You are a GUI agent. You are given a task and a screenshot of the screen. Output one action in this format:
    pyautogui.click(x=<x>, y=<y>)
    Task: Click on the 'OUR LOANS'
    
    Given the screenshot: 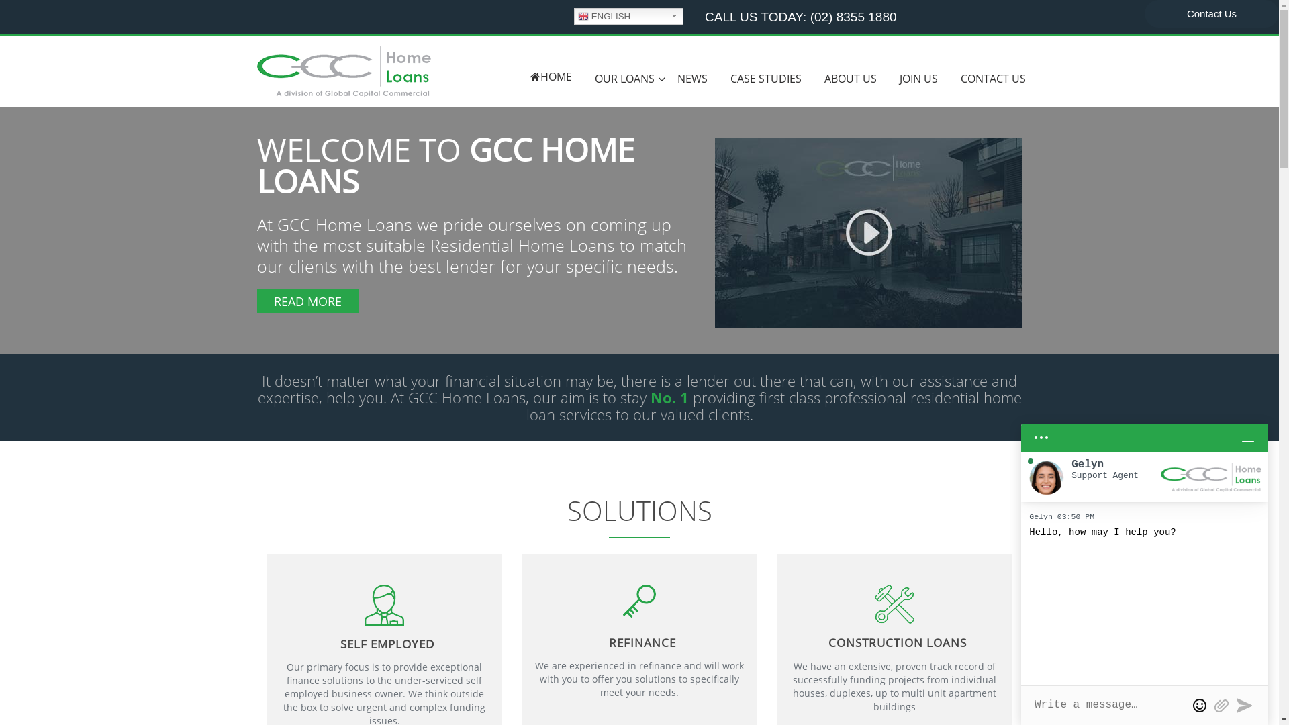 What is the action you would take?
    pyautogui.click(x=623, y=79)
    